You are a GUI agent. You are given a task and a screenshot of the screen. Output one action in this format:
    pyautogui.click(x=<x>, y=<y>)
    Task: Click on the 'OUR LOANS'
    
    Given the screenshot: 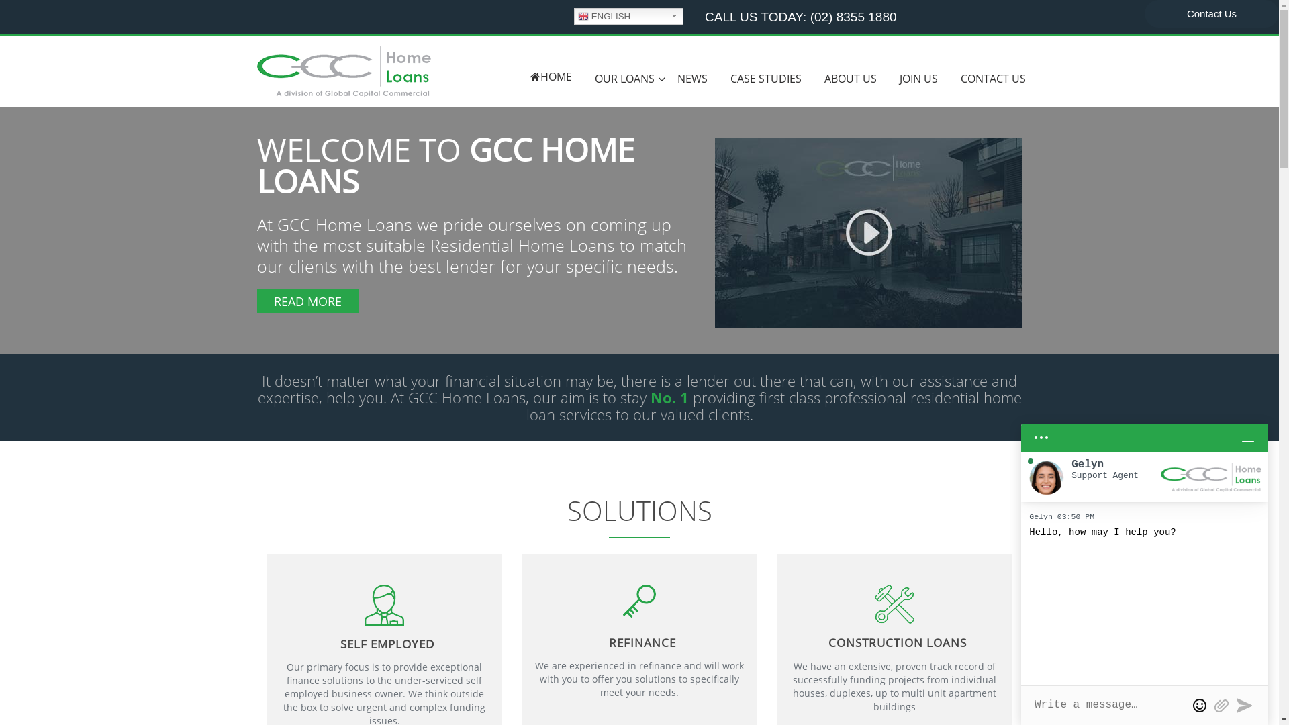 What is the action you would take?
    pyautogui.click(x=623, y=79)
    